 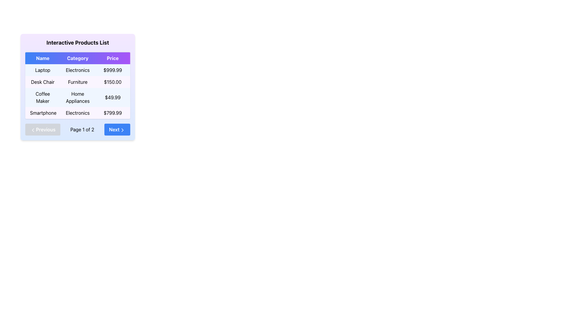 What do you see at coordinates (77, 58) in the screenshot?
I see `the middle text label that serves as a column header in a table, positioned between the buttons labeled 'Name' and 'Price'` at bounding box center [77, 58].